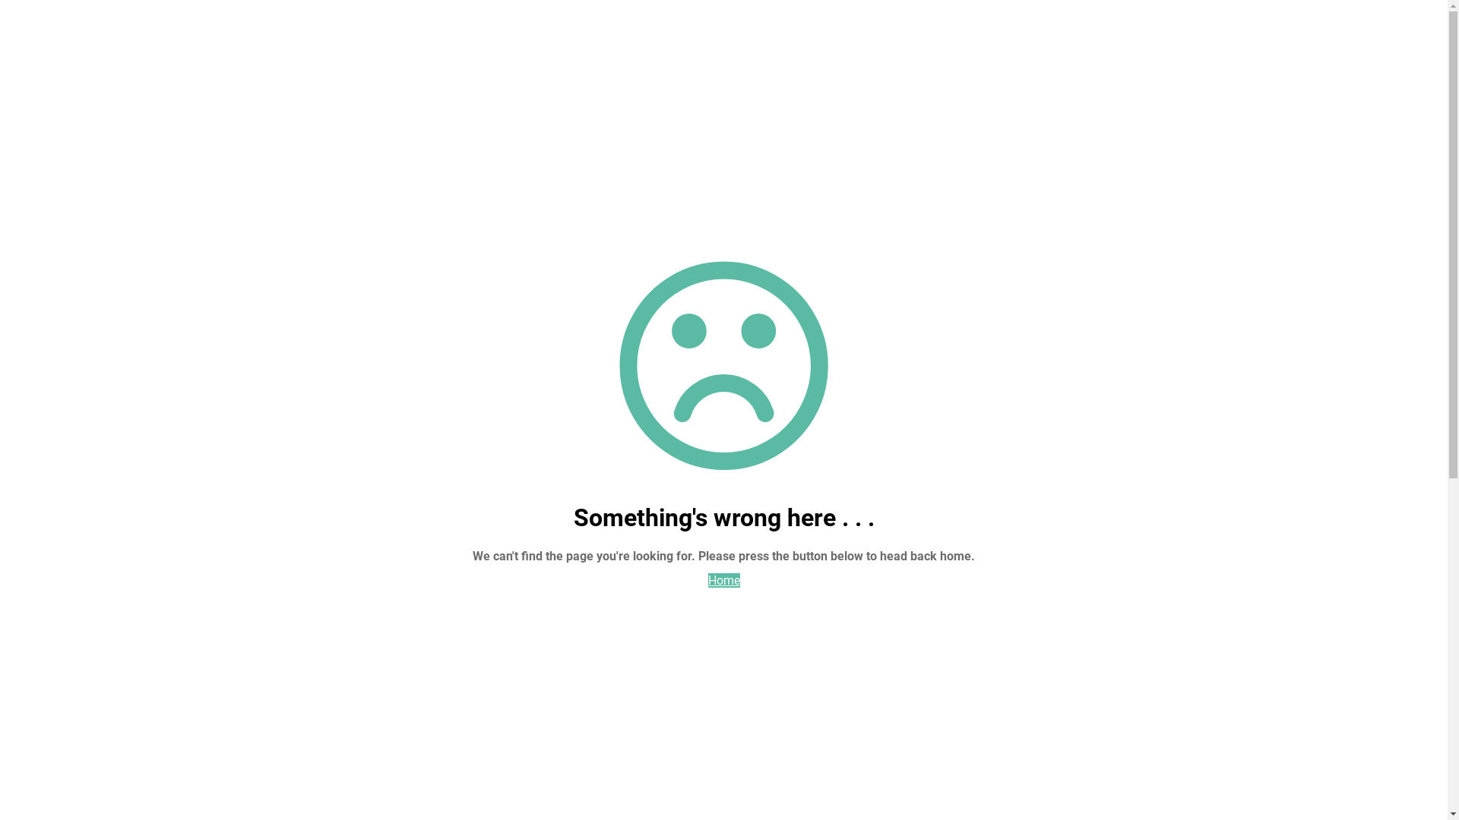 This screenshot has height=820, width=1459. What do you see at coordinates (723, 580) in the screenshot?
I see `'Home'` at bounding box center [723, 580].